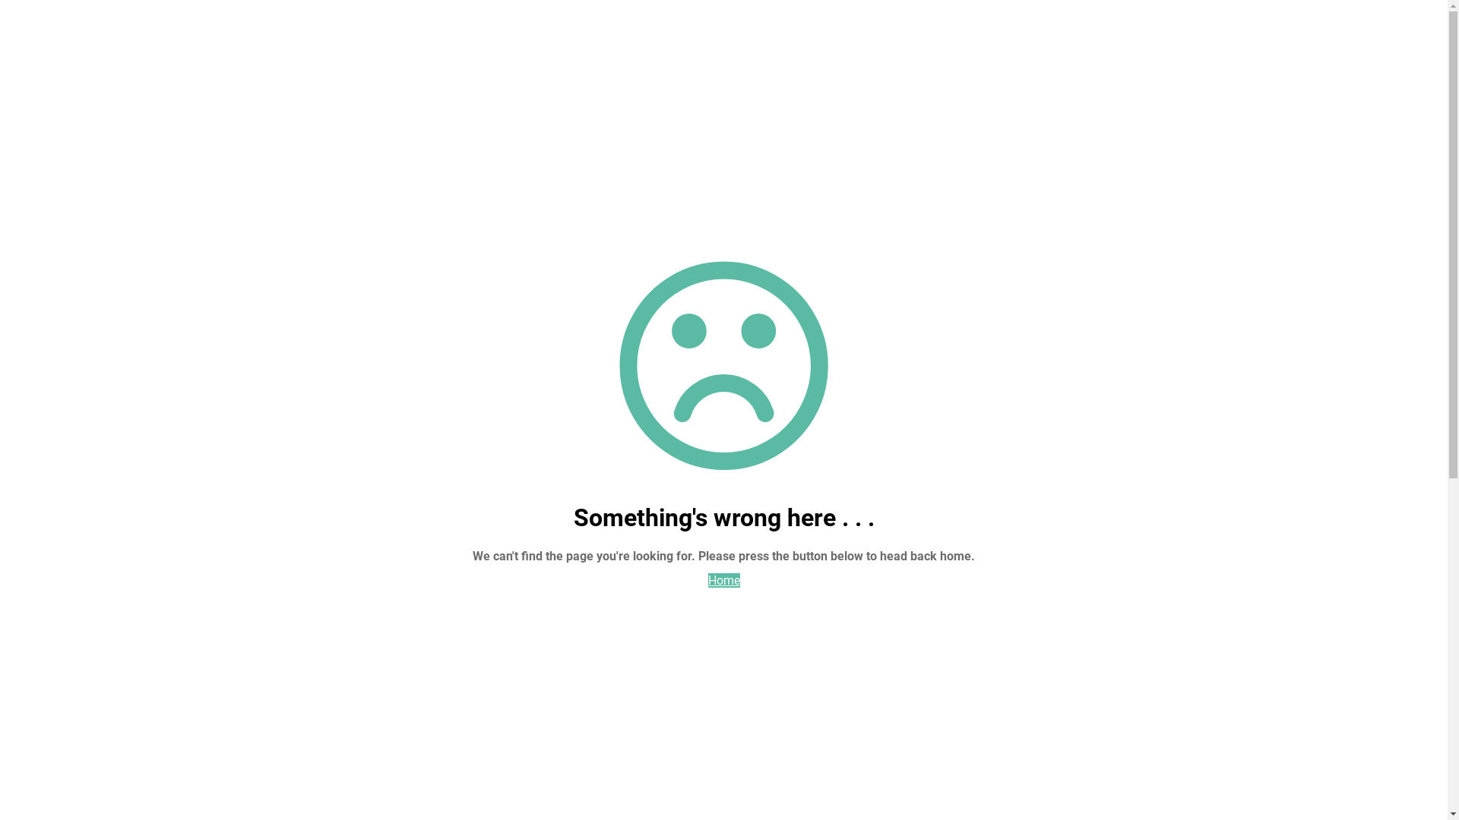 This screenshot has height=820, width=1459. What do you see at coordinates (723, 580) in the screenshot?
I see `'Home'` at bounding box center [723, 580].